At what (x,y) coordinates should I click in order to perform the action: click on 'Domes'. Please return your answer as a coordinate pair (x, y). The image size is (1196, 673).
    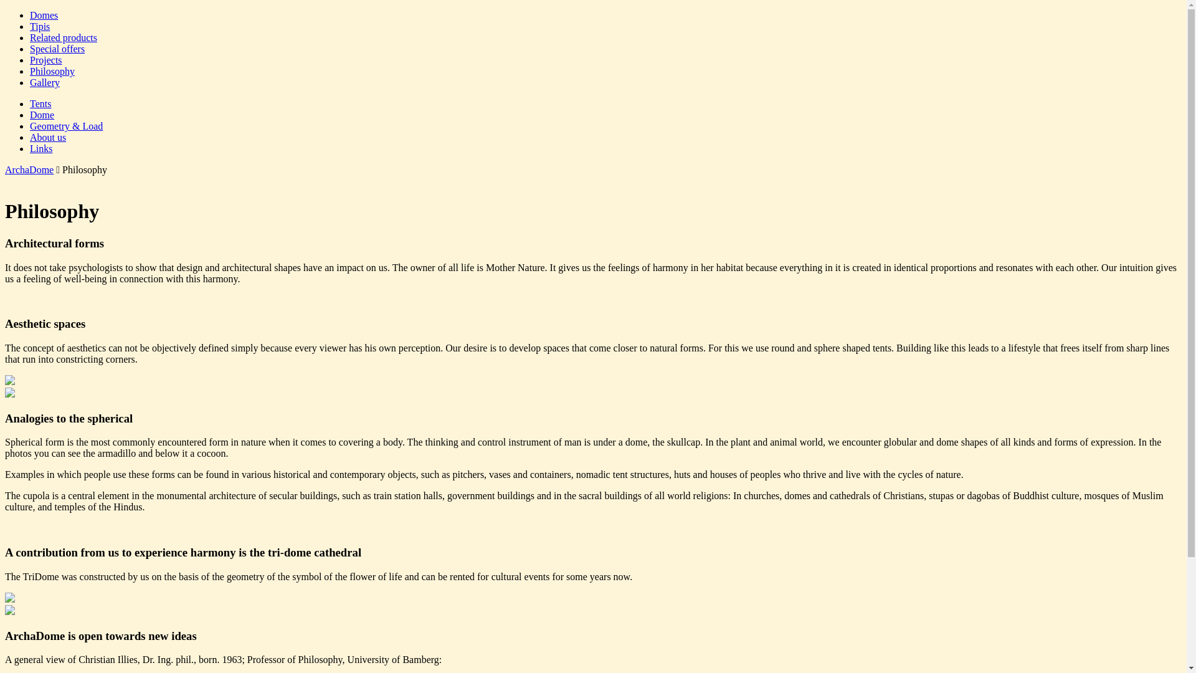
    Looking at the image, I should click on (44, 15).